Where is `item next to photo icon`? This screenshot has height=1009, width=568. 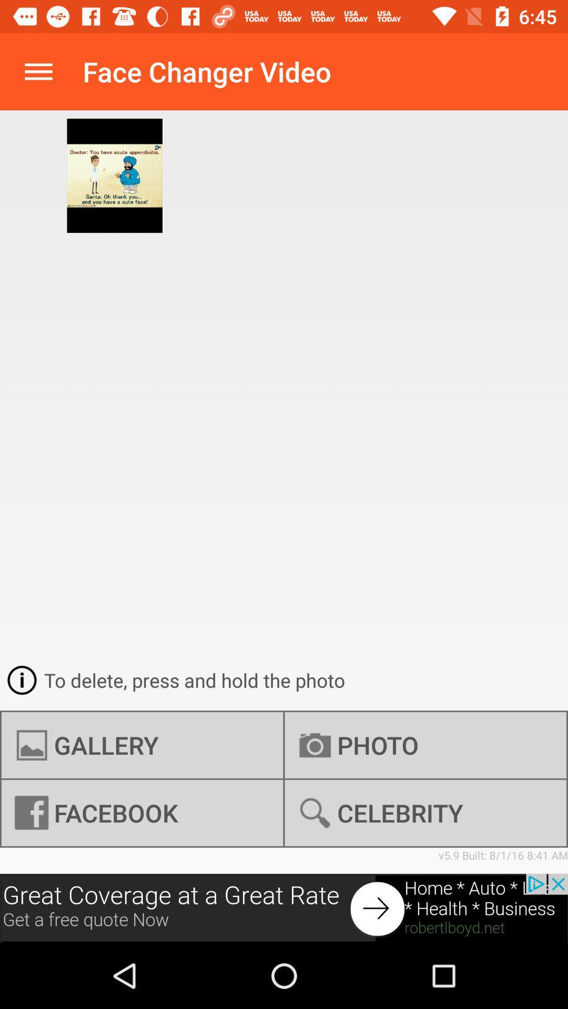 item next to photo icon is located at coordinates (142, 812).